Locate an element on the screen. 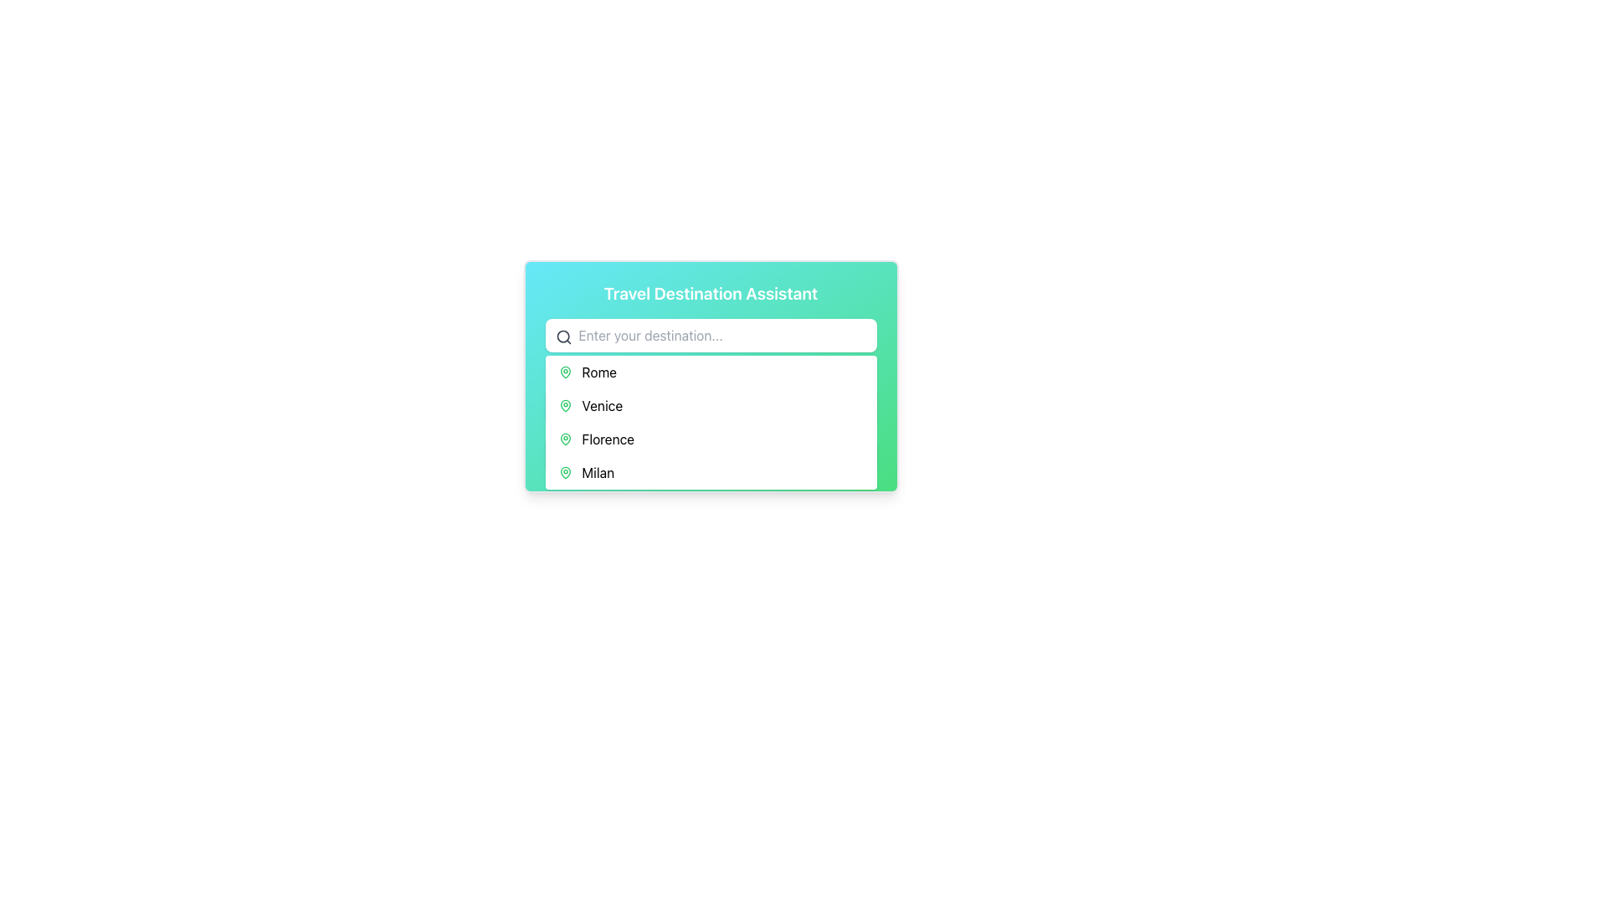 This screenshot has height=904, width=1607. the indicative search icon located at the left edge of the input field for entering destinations is located at coordinates (563, 336).